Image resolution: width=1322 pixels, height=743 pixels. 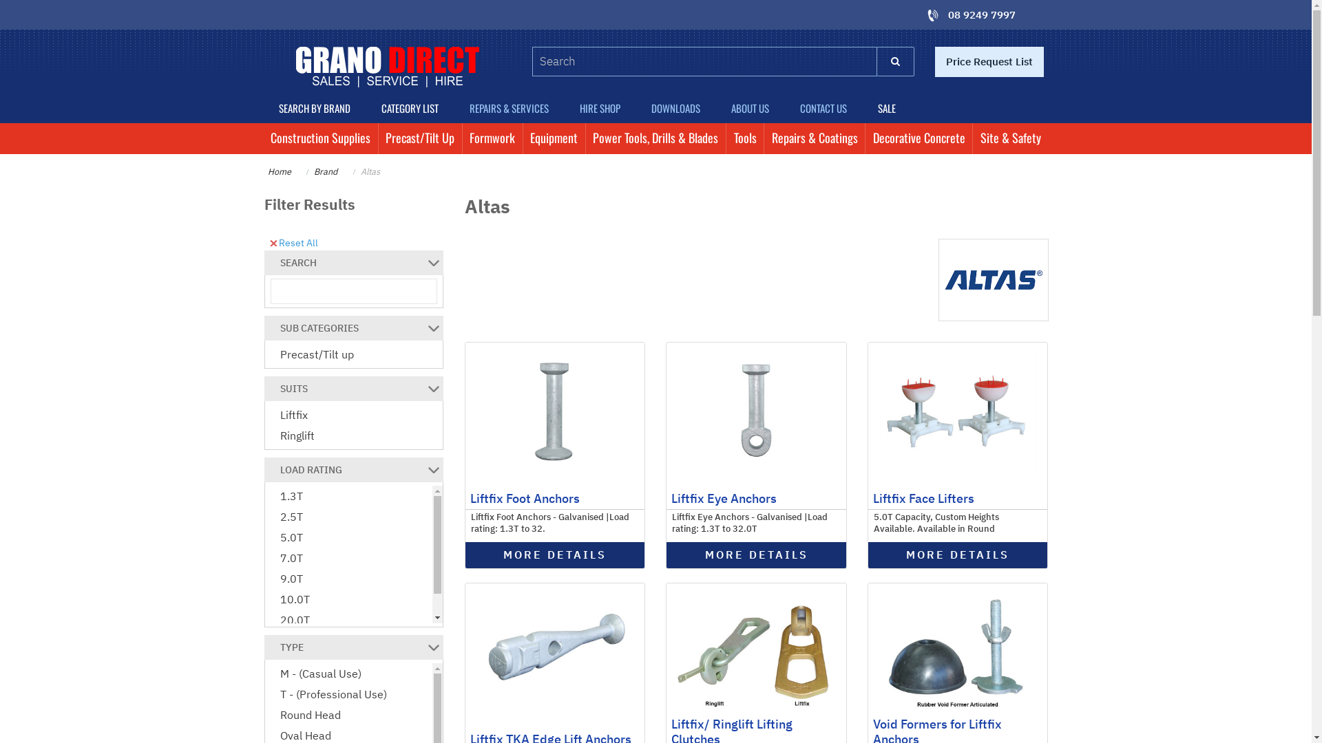 I want to click on 'Equipment', so click(x=554, y=138).